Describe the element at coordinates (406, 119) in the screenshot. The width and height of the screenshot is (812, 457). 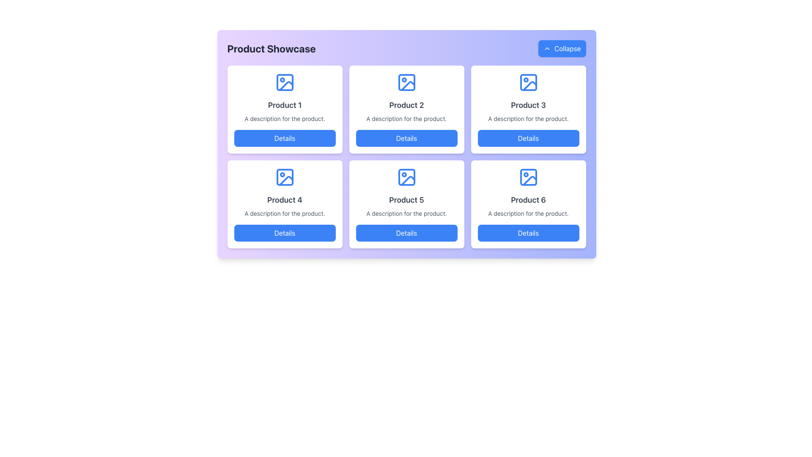
I see `text description located below the 'Product 2' title and above the 'Details' button within the second product card in the top row of the product grid` at that location.